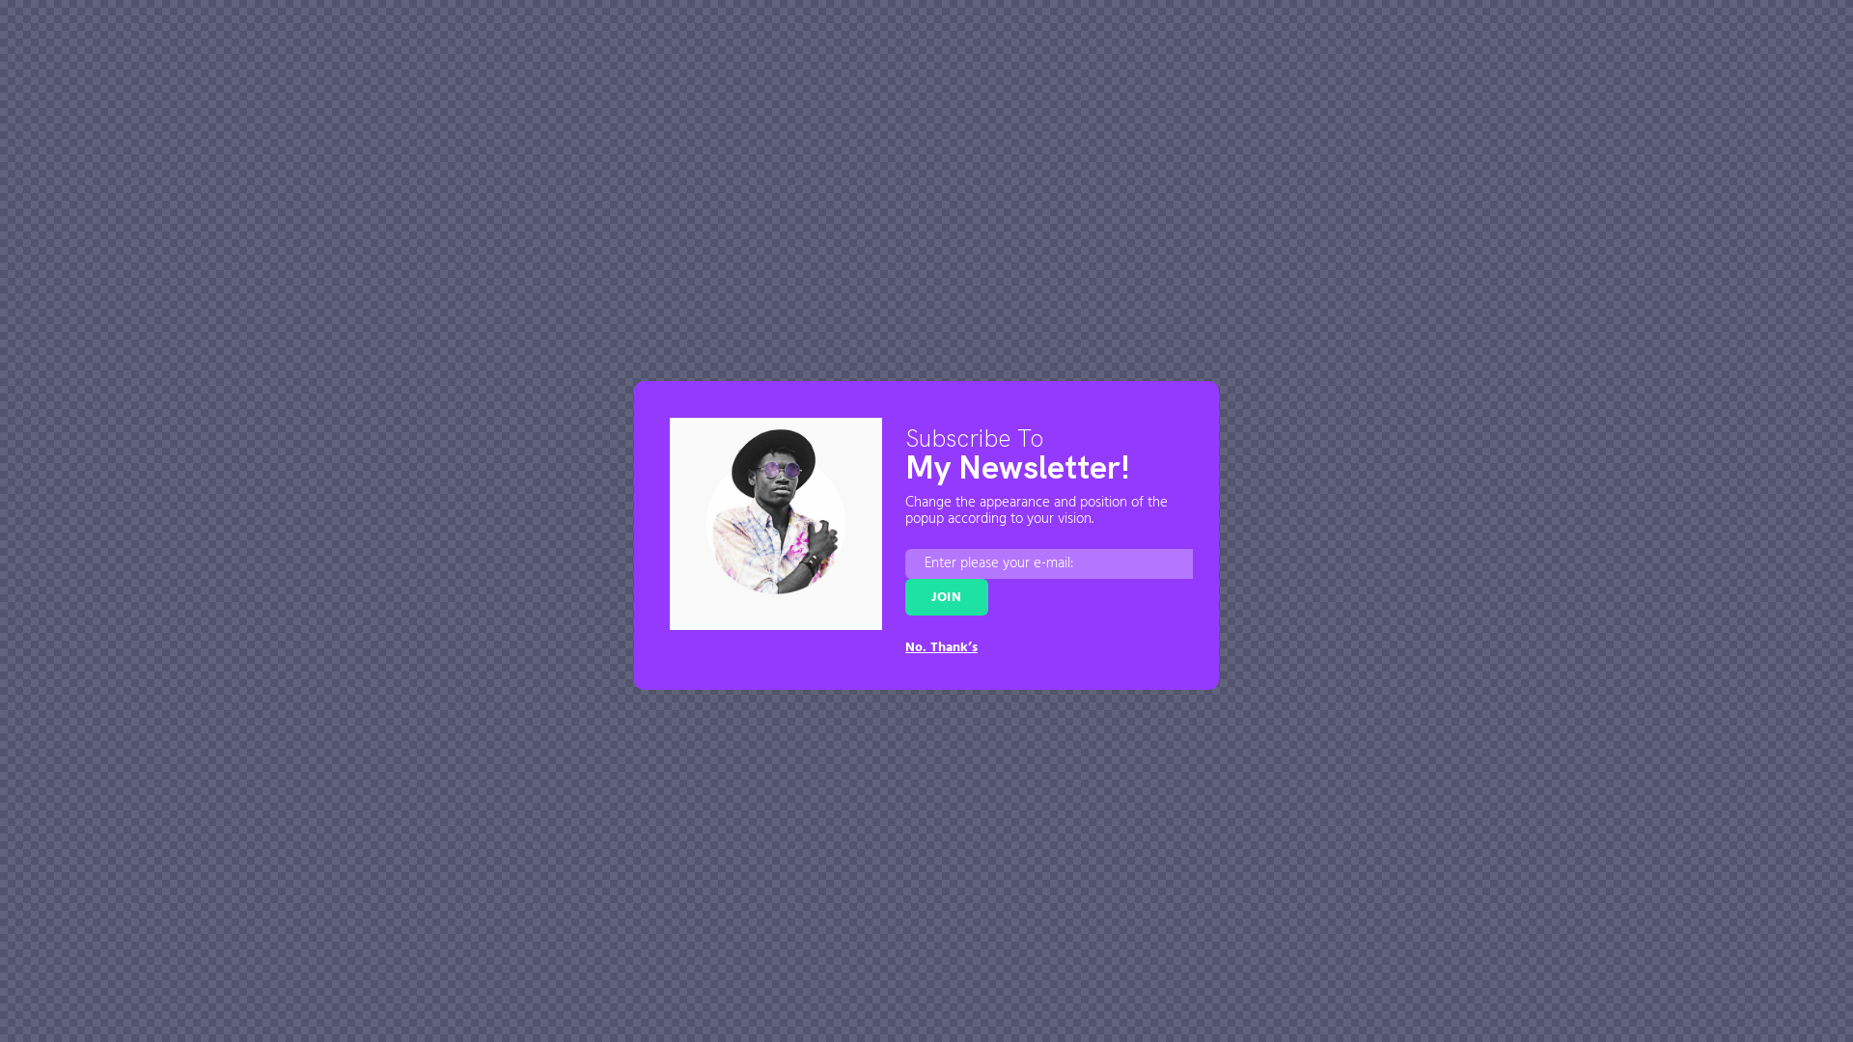  I want to click on 'JOIN', so click(903, 595).